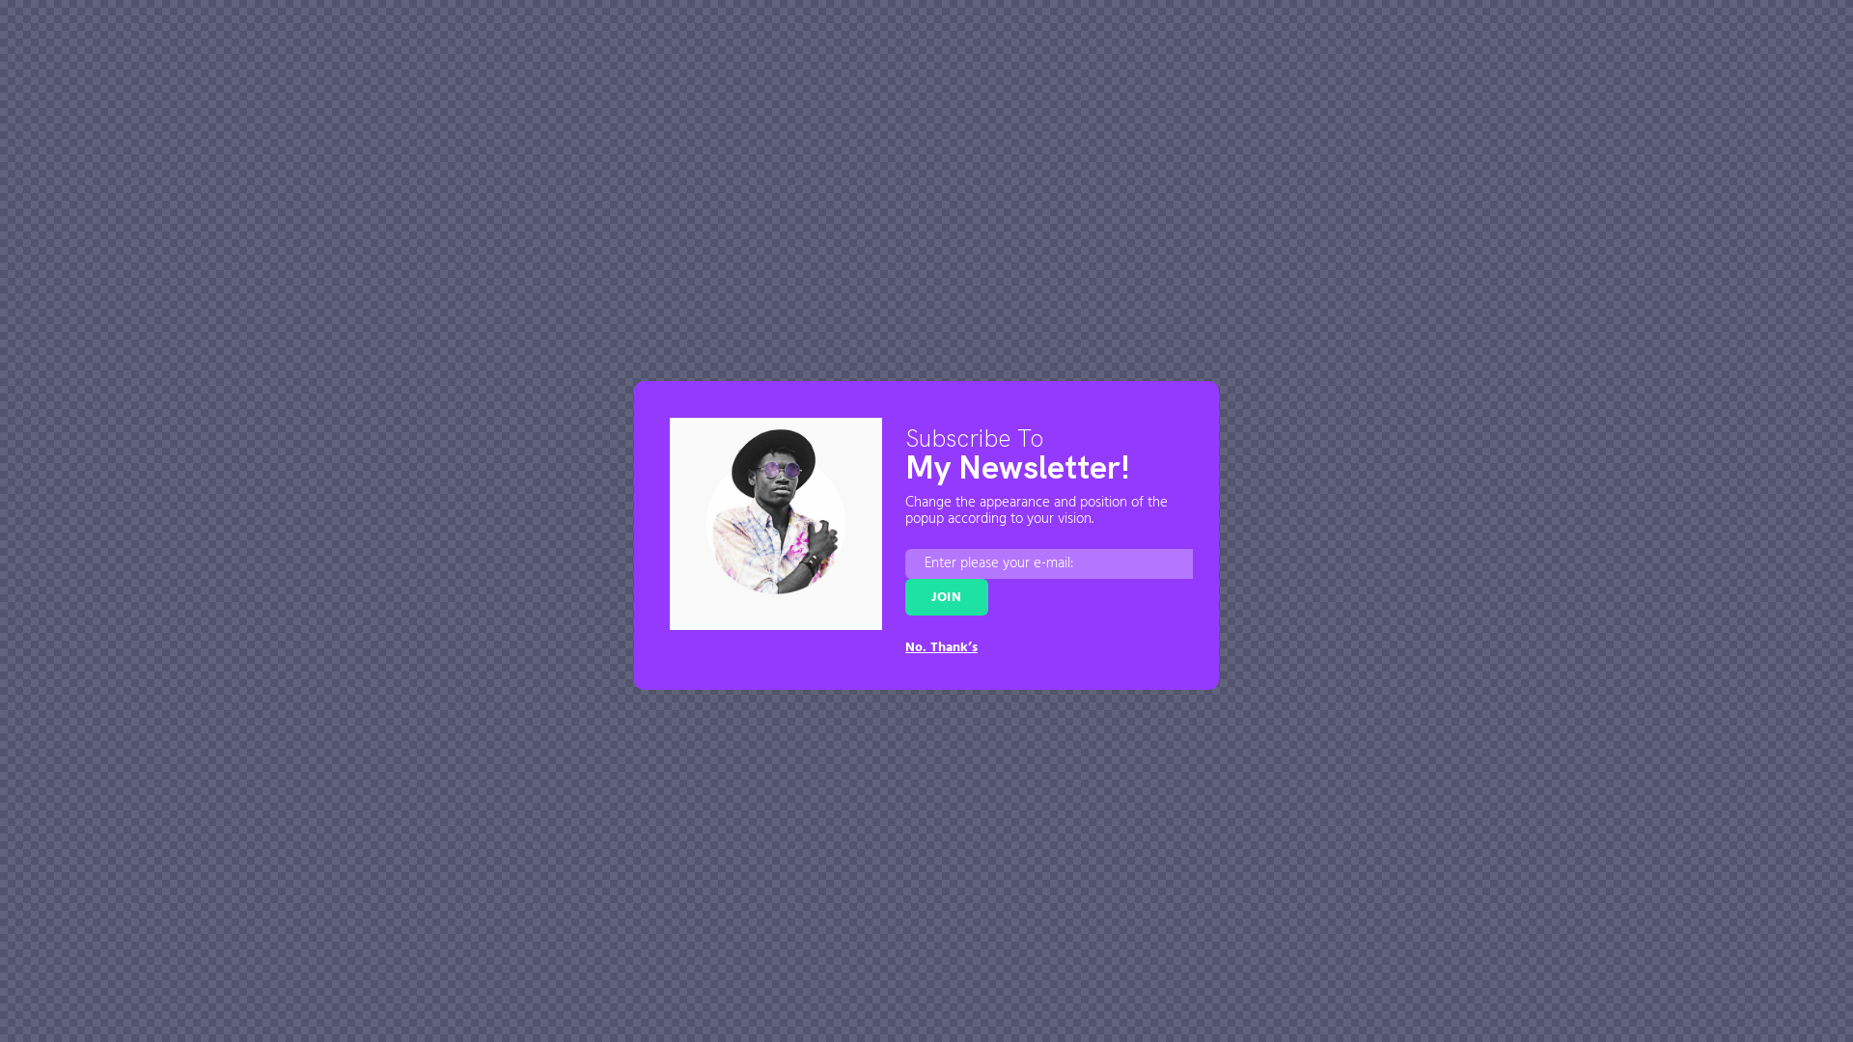  I want to click on 'JOIN', so click(903, 595).